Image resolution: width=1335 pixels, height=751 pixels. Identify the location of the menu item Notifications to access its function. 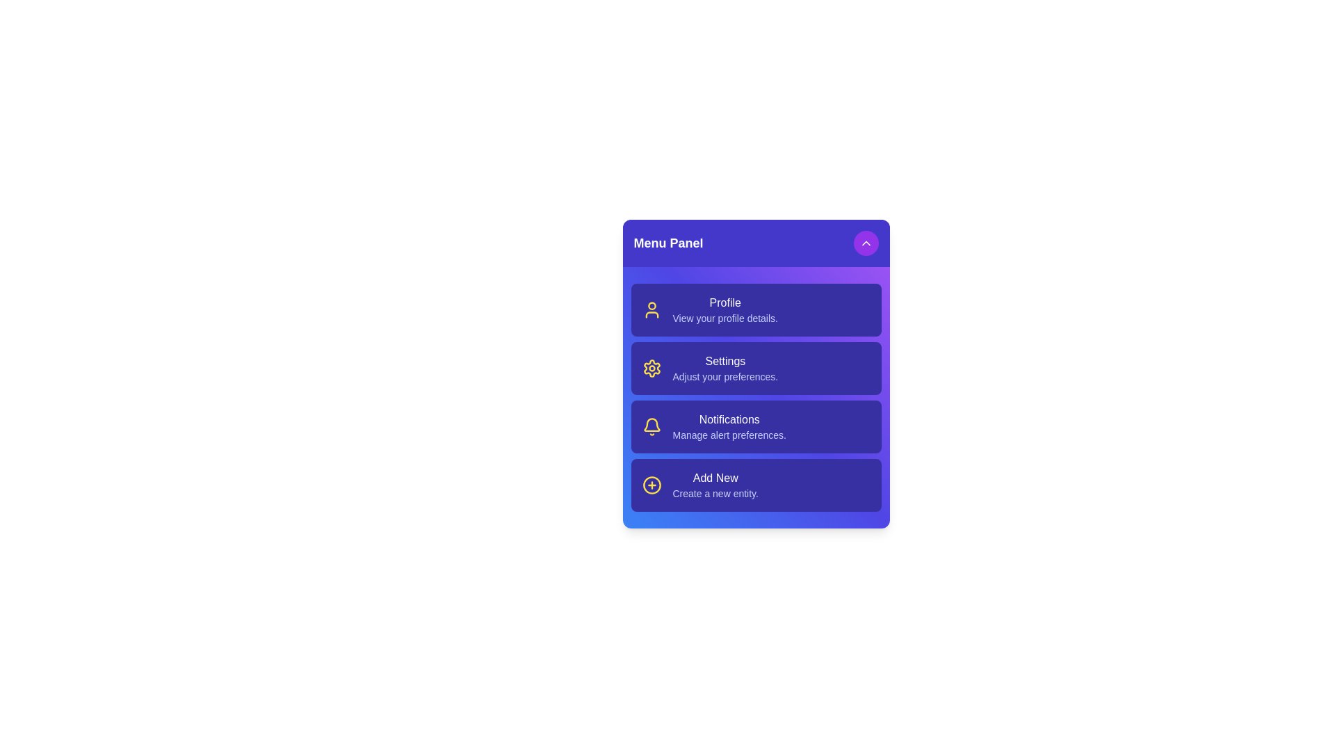
(755, 426).